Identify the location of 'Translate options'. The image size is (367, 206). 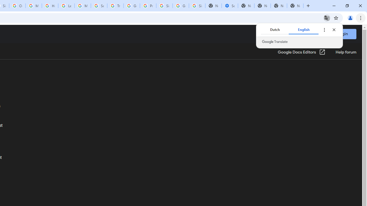
(324, 30).